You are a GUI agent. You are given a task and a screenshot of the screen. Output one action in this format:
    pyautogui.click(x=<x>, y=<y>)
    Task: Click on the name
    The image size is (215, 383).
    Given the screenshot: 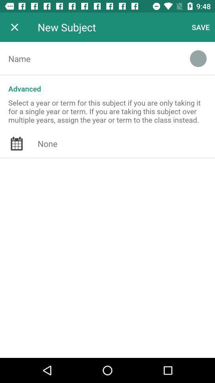 What is the action you would take?
    pyautogui.click(x=90, y=58)
    